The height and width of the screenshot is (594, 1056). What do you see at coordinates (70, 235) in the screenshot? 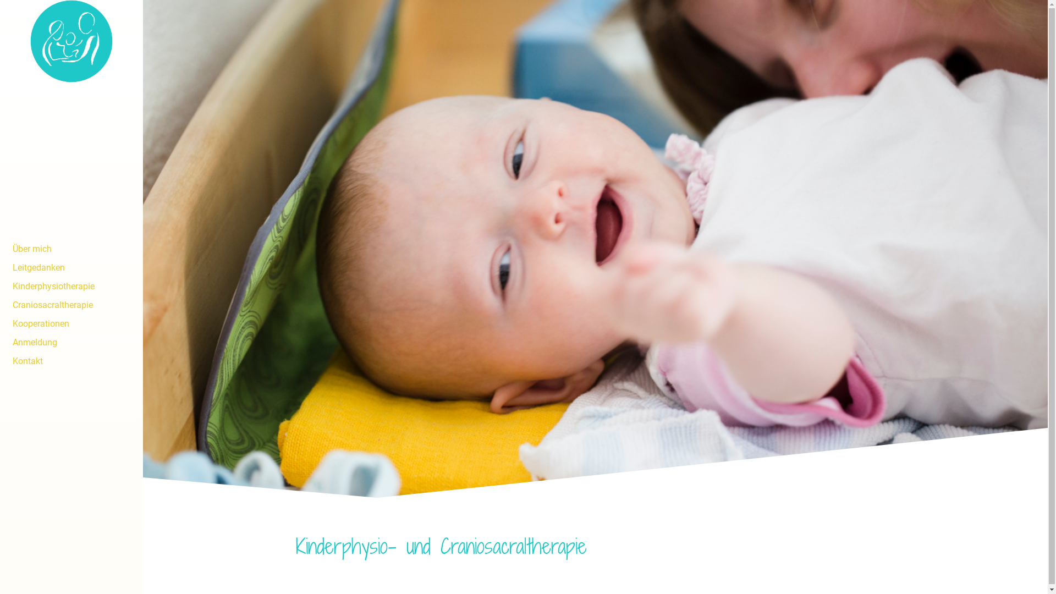
I see `' '` at bounding box center [70, 235].